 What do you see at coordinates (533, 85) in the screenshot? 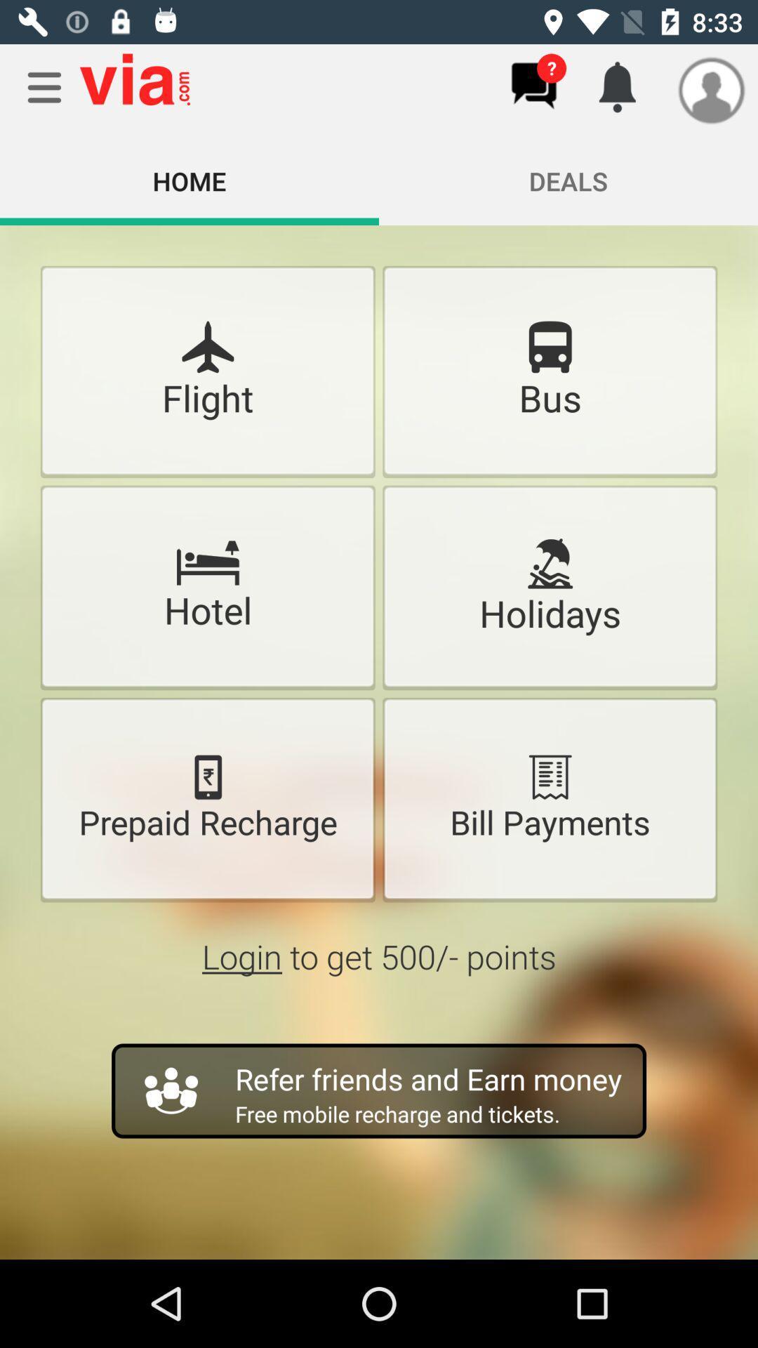
I see `help chat button` at bounding box center [533, 85].